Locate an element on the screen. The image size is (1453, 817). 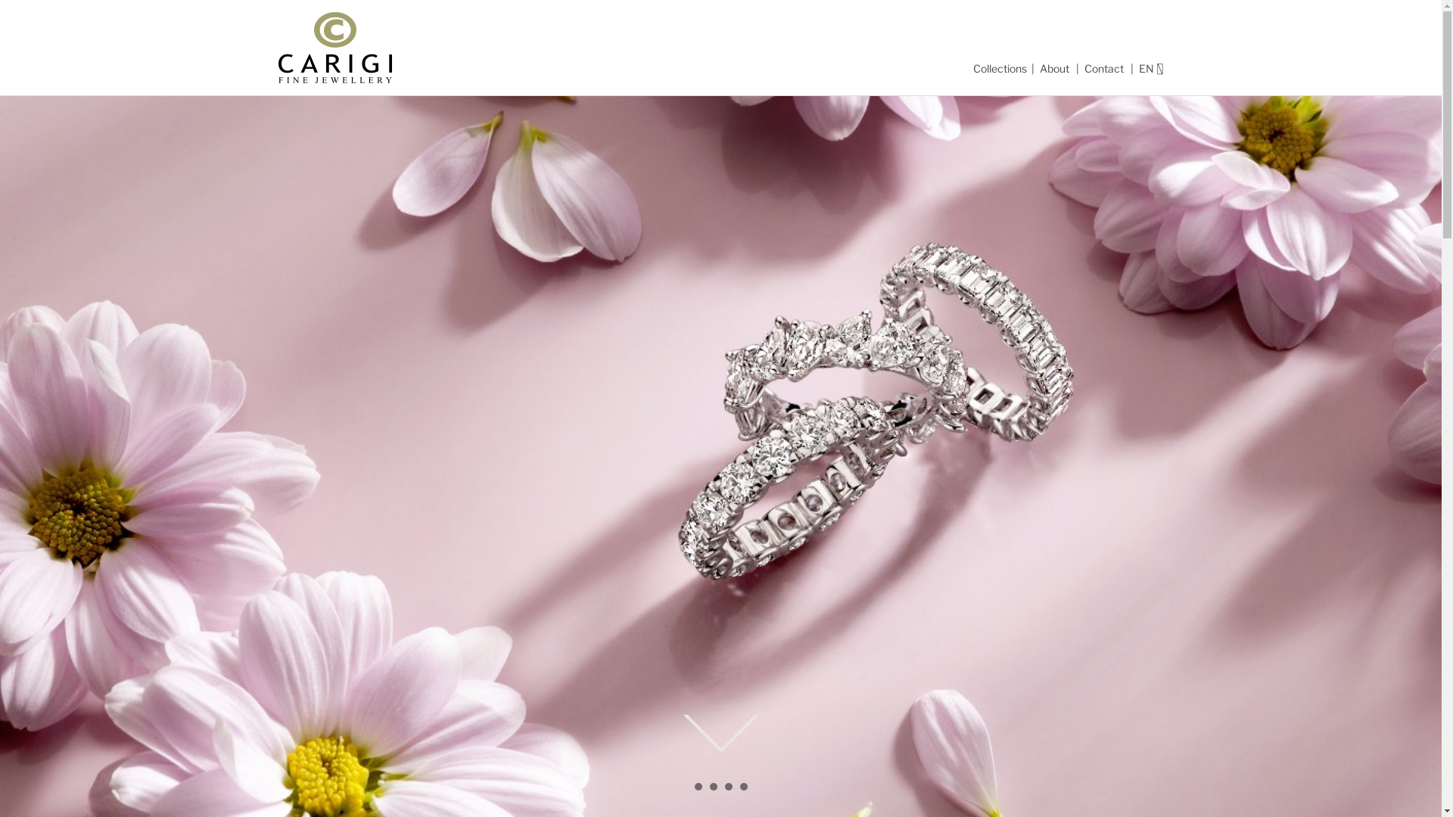
'Collections' is located at coordinates (1000, 68).